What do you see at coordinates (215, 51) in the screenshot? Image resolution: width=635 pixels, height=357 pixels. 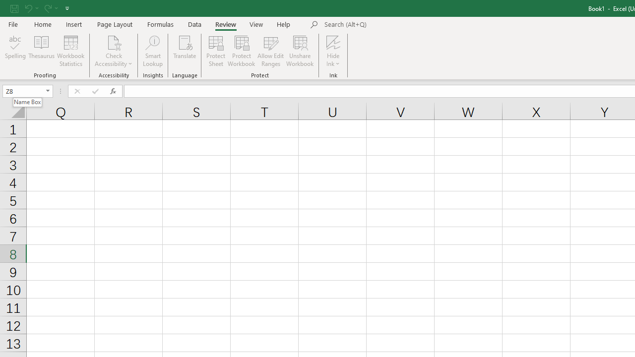 I see `'Protect Sheet...'` at bounding box center [215, 51].